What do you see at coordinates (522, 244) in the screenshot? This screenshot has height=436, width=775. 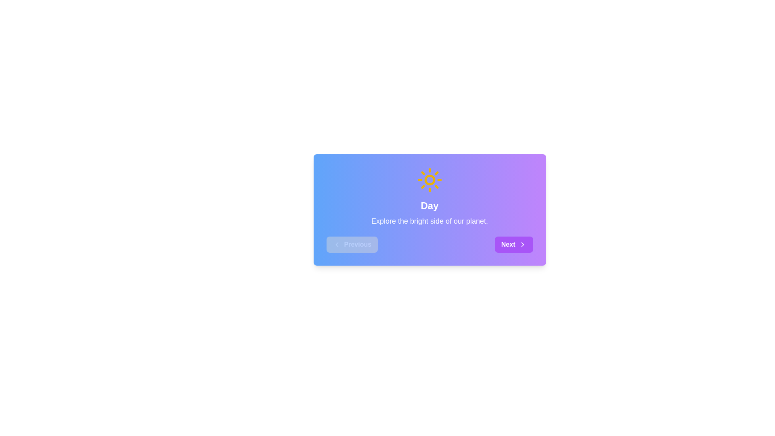 I see `the 'Next' button, which is located near the bottom-right corner of a card-style section in the interface and features an icon that visually reinforces the action of proceeding` at bounding box center [522, 244].